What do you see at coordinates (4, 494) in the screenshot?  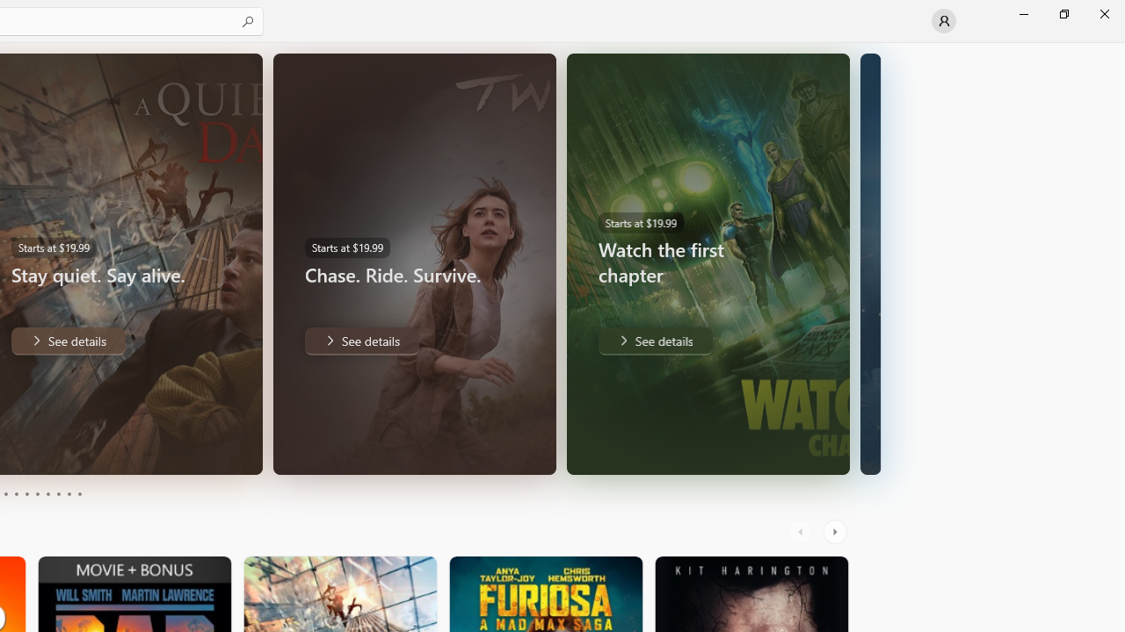 I see `'Page 3'` at bounding box center [4, 494].